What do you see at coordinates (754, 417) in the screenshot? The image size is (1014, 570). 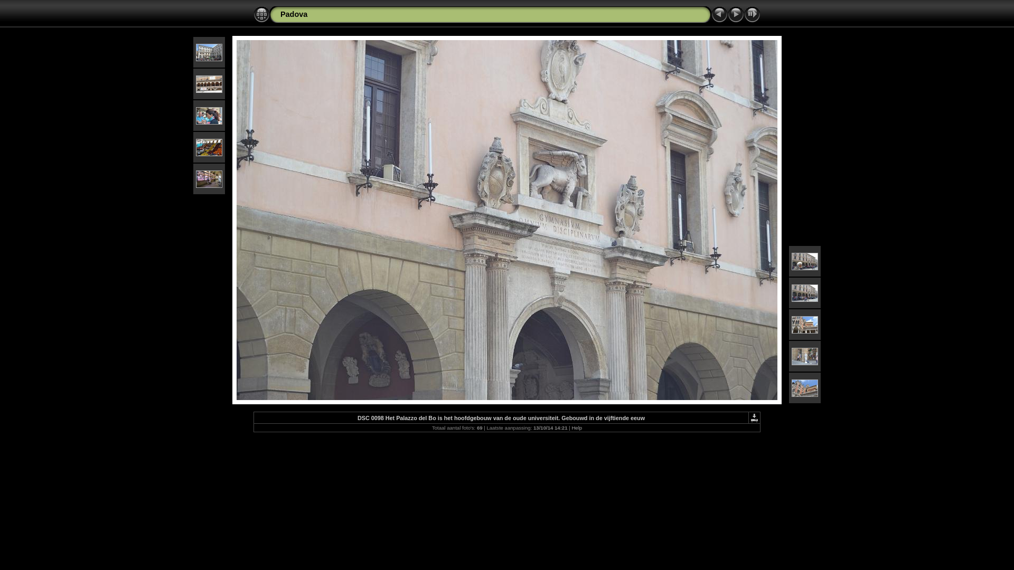 I see `' Foto downloaden '` at bounding box center [754, 417].